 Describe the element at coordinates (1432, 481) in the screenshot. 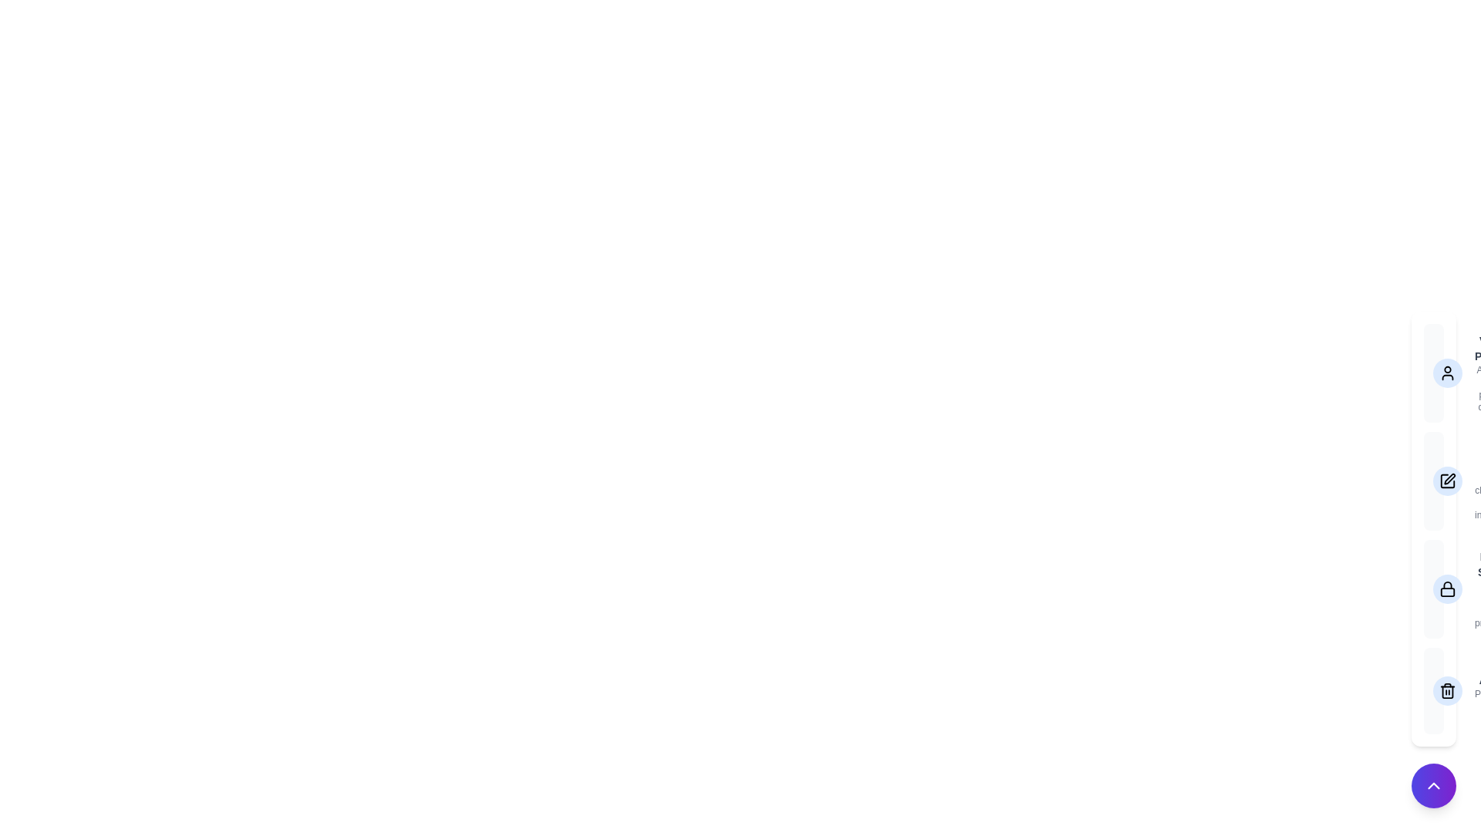

I see `the option Edit Profile to view its details` at that location.